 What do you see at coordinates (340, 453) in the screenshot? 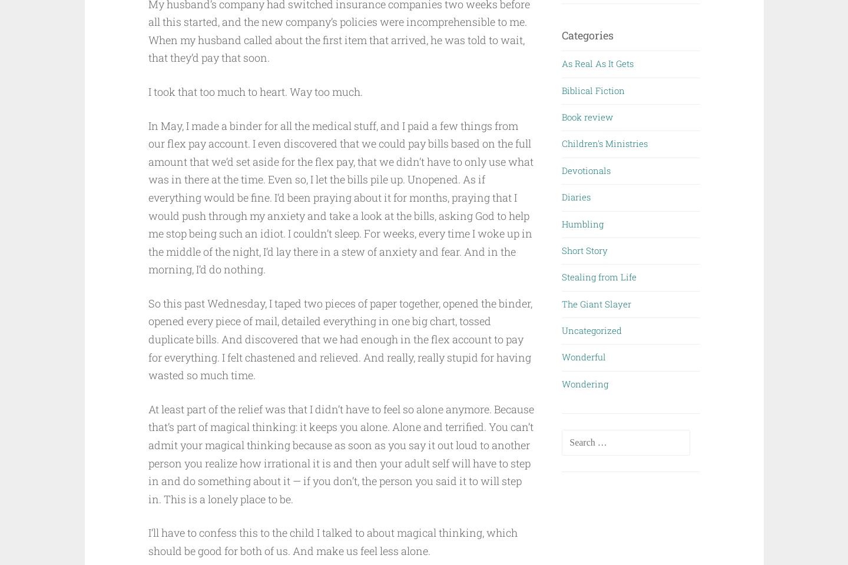
I see `'At least part of the relief was that I didn’t have to feel so alone anymore. Because that’s part of magical thinking: it keeps you alone. Alone and terrified. You can’t admit your magical thinking because as soon as you say it out loud to another person you realize how irrational it is and then your adult self will have to step in and do something about it — if you don’t, the person you said it to will step in. This is a lonely place to be.'` at bounding box center [340, 453].